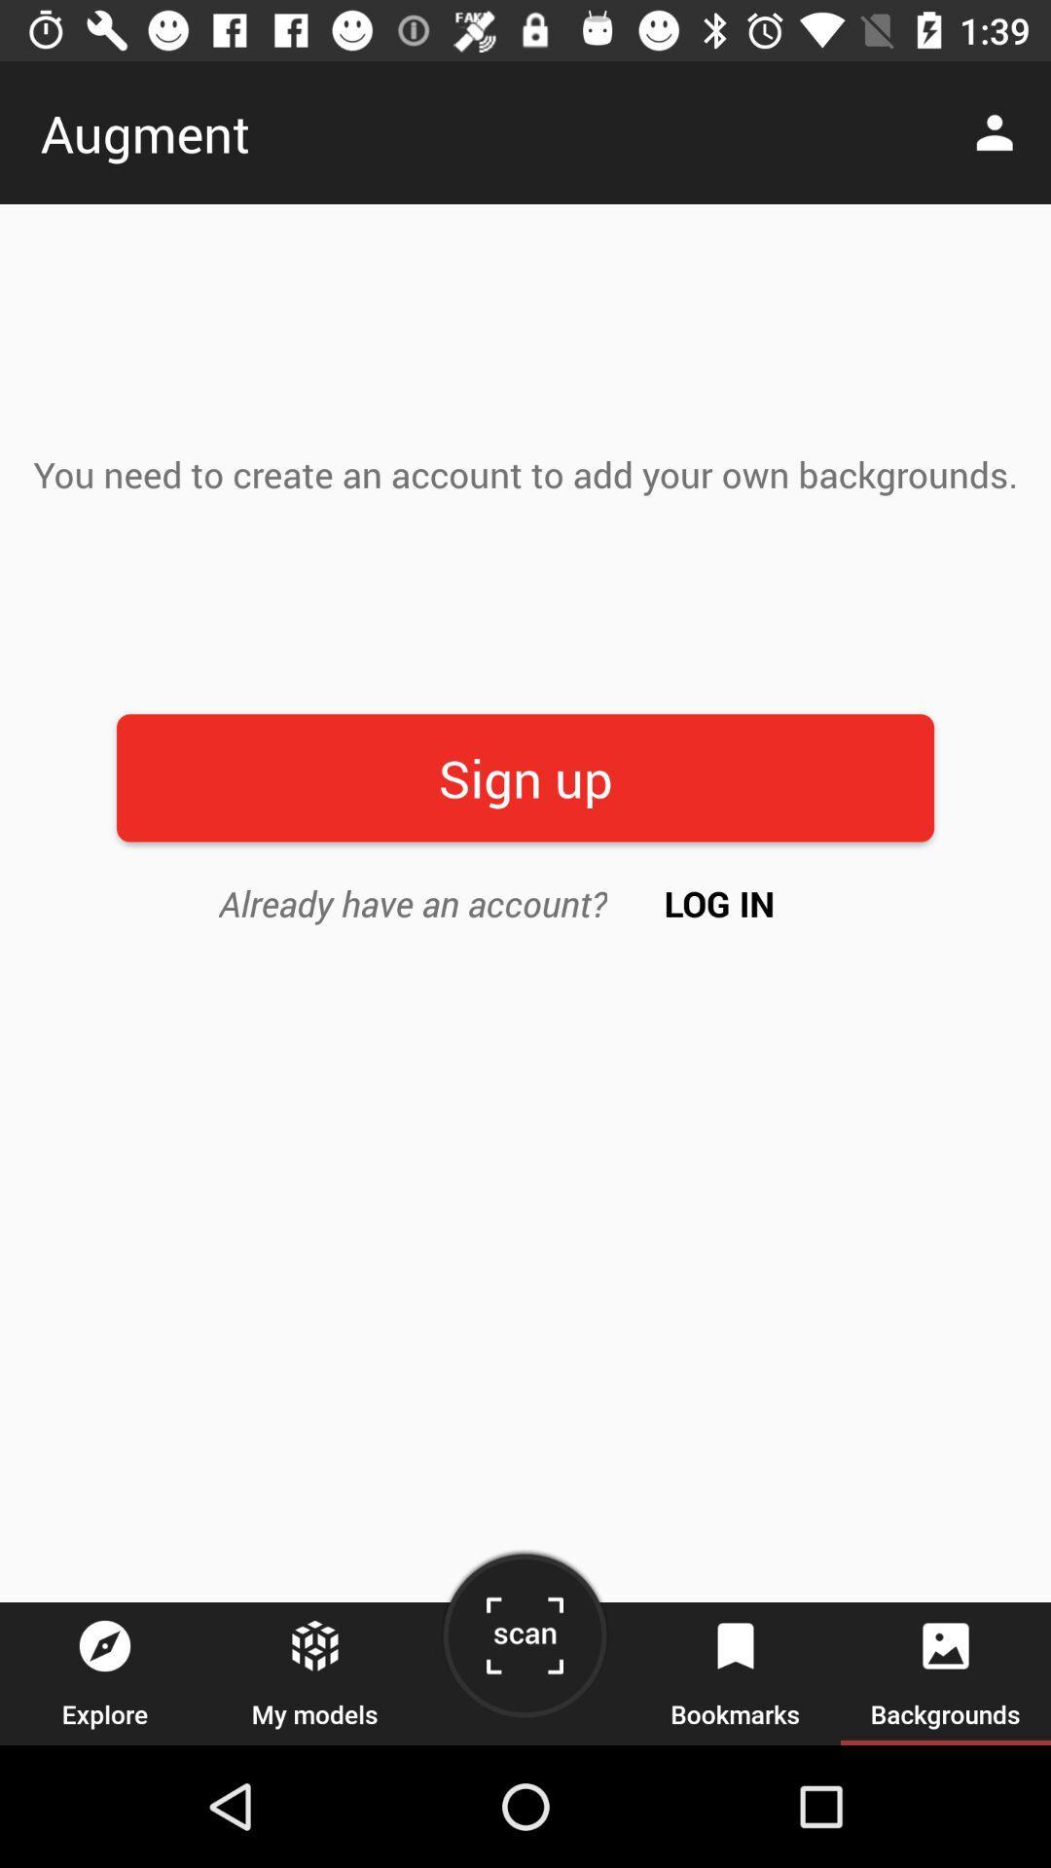  I want to click on item below the you need to, so click(525, 776).